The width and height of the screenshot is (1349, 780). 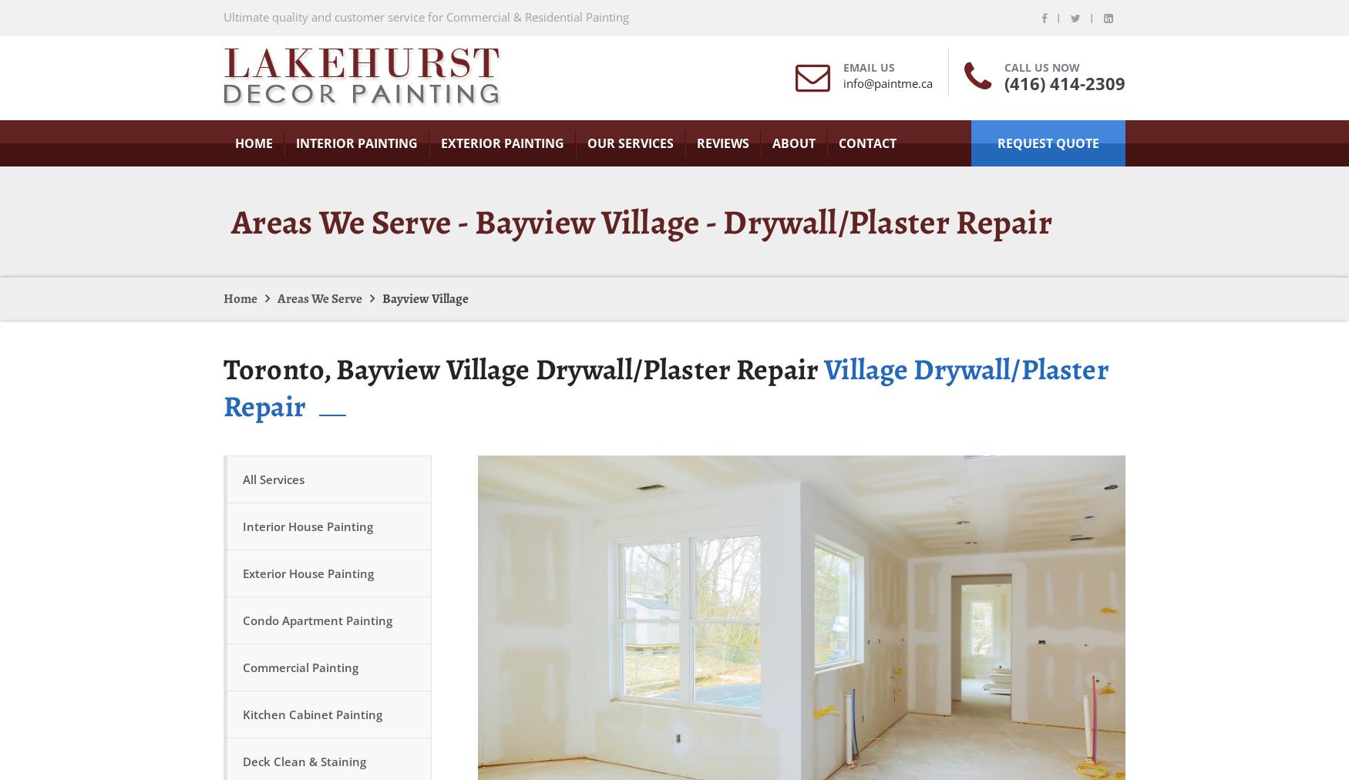 I want to click on 'call us now', so click(x=1042, y=66).